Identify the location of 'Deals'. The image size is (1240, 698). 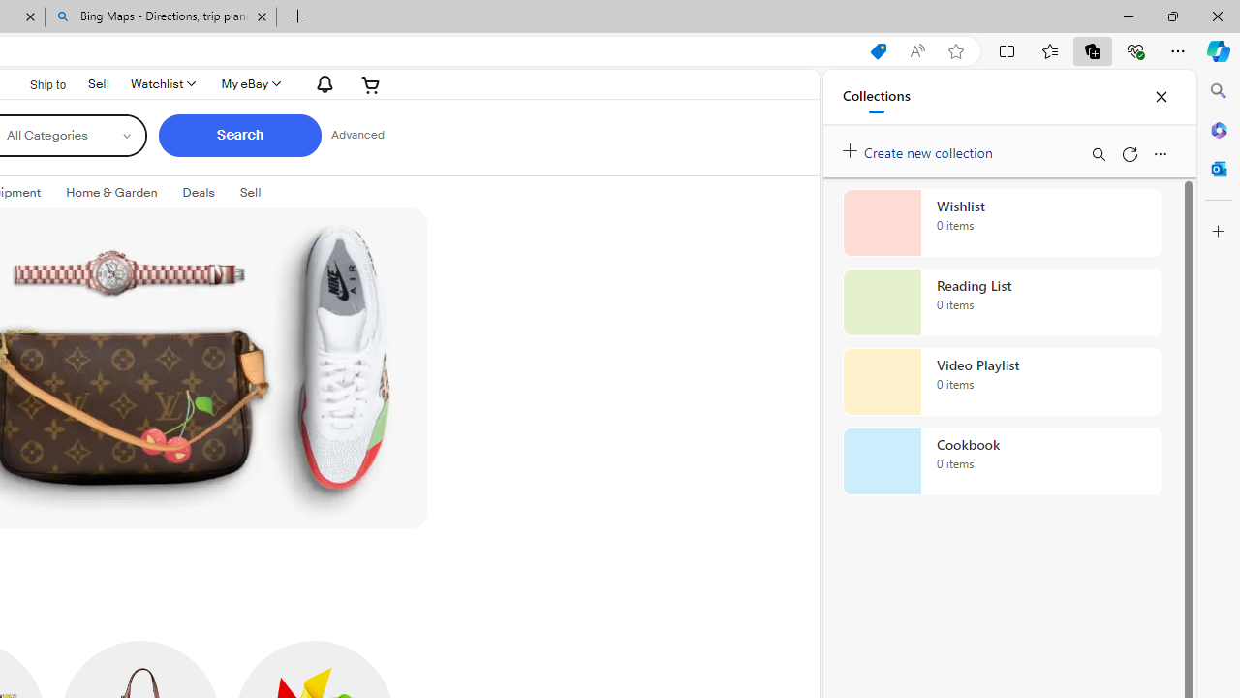
(198, 193).